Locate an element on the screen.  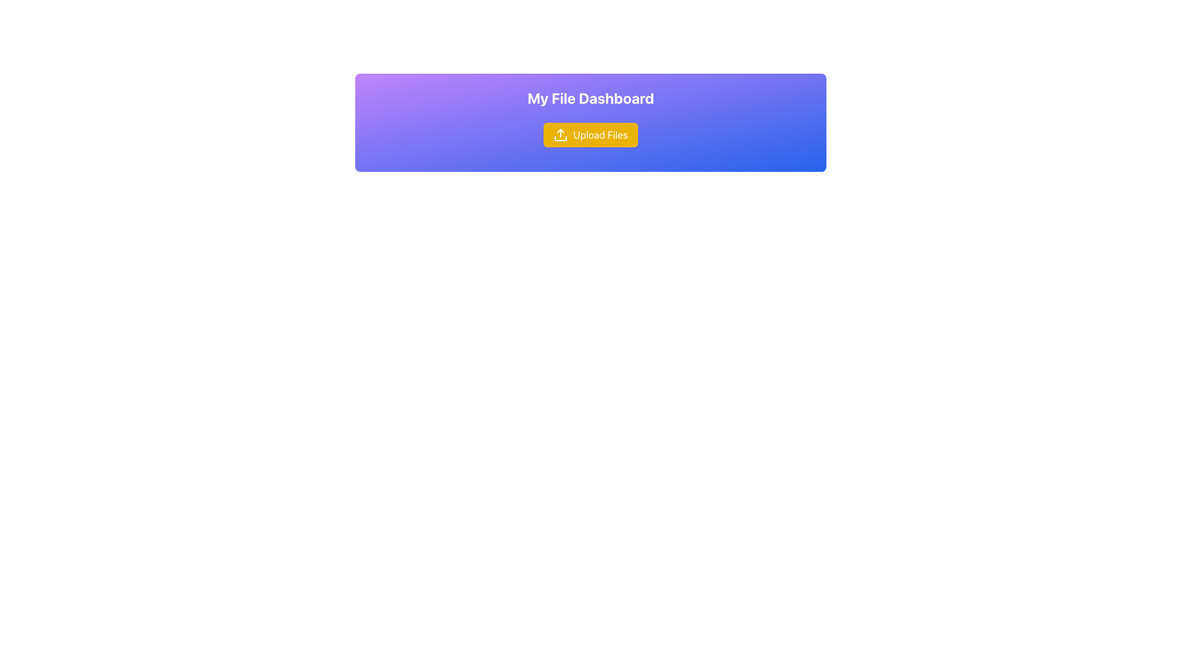
the 'Upload Files' button, which is a bright yellow rectangular button with rounded corners, centrally located in the 'My File Dashboard' section is located at coordinates (590, 134).